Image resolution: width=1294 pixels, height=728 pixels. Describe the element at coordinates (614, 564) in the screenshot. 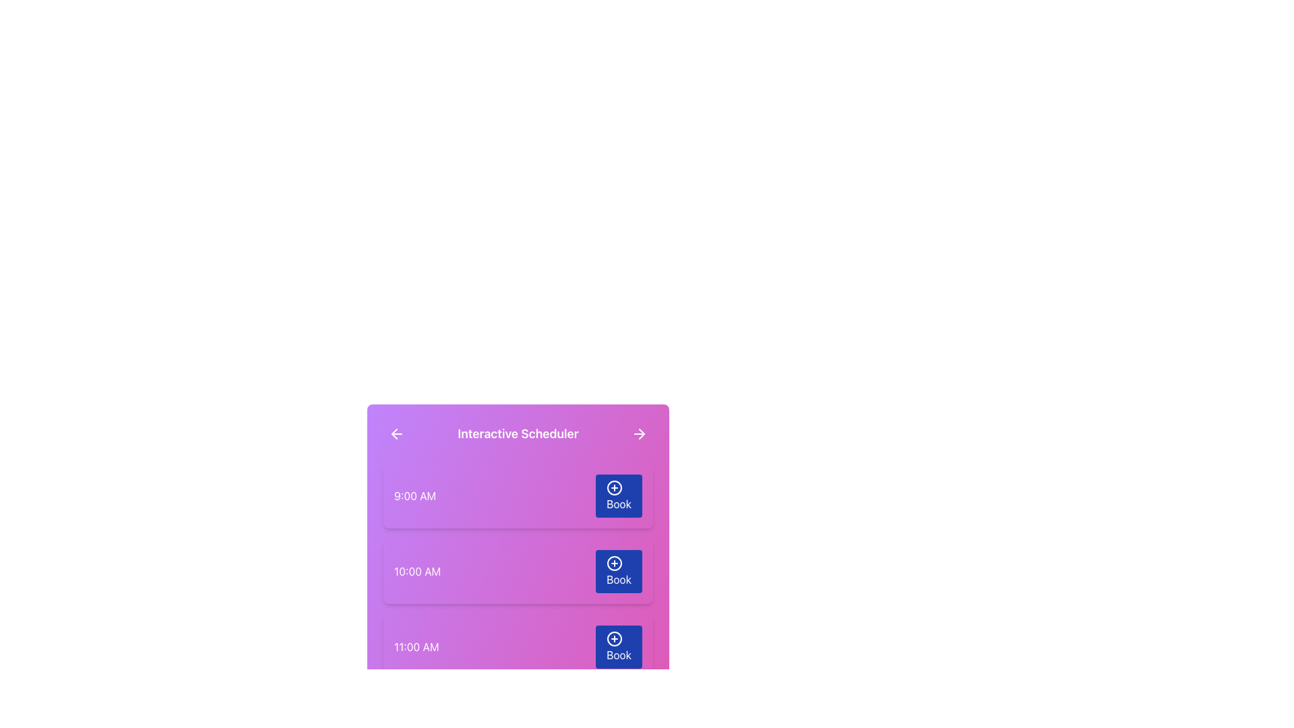

I see `the center of the circular outline icon next to the 'Book' button for the 10:00 AM time slot in the Interactive Scheduler` at that location.